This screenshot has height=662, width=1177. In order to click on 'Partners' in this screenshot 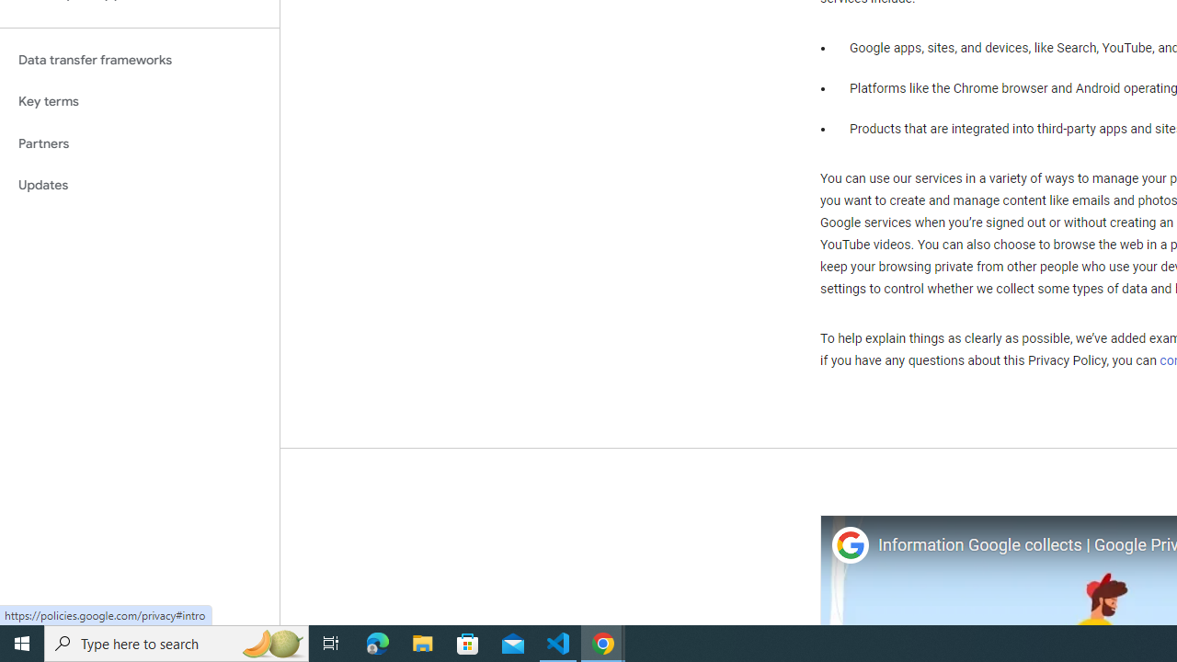, I will do `click(139, 143)`.